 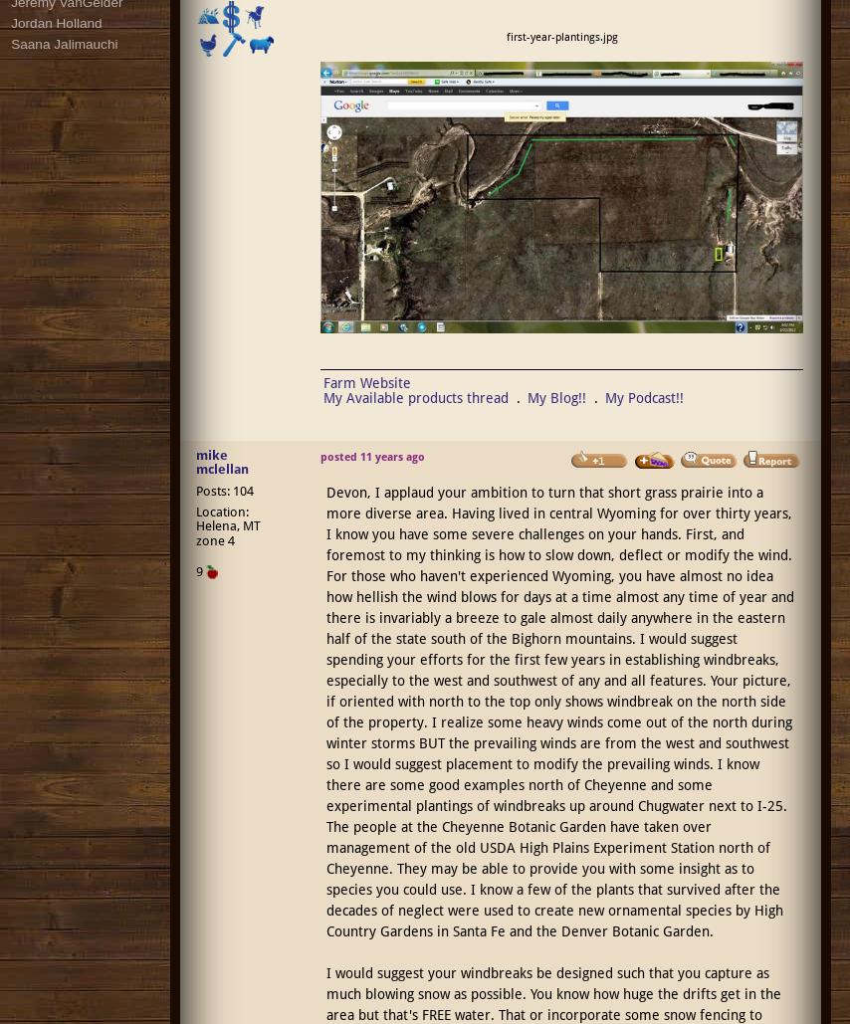 I want to click on 'Devon, I applaud your ambition to turn that short grass prairie into a more diverse area. Having lived in central Wyoming for over thirty years, I know you have some severe challenges on your hands. First, and foremost to my thinking is how to slow down, deflect or modify the wind. For those who haven't experienced Wyoming, you have almost no idea how hellish the wind blows for days at a time almost any time of year and there is invariably a breeze to gale almost daily anywhere in the eastern half of the state south of the Bighorn mountains. I would suggest spending your efforts for the first few years in establishing windbreaks, especially to the west and southwest of any and all features. Your picture, if oriented with north to the top only shows windbreak on the north side of the property. I realize some heavy winds come out of the north during winter storms BUT the prevailing winds are from the west and southwest so I would suggest placement to modify the prevailing winds.  I know there are some good examples north of Cheyenne and some experimental plantings of windbreaks up around Chugwater next to I-25. The people at the Cheyenne Botanic Garden have taken over management of the old USDA High Plains Experiment Station north of Cheyenne.  They may be able to provide you with some insight as to species you could use. I know a few of the plants that survived after the decades of neglect were used to create new ornamental species by High Country Gardens in Santa Fe and the Denver Botanic Garden.', so click(x=558, y=711).